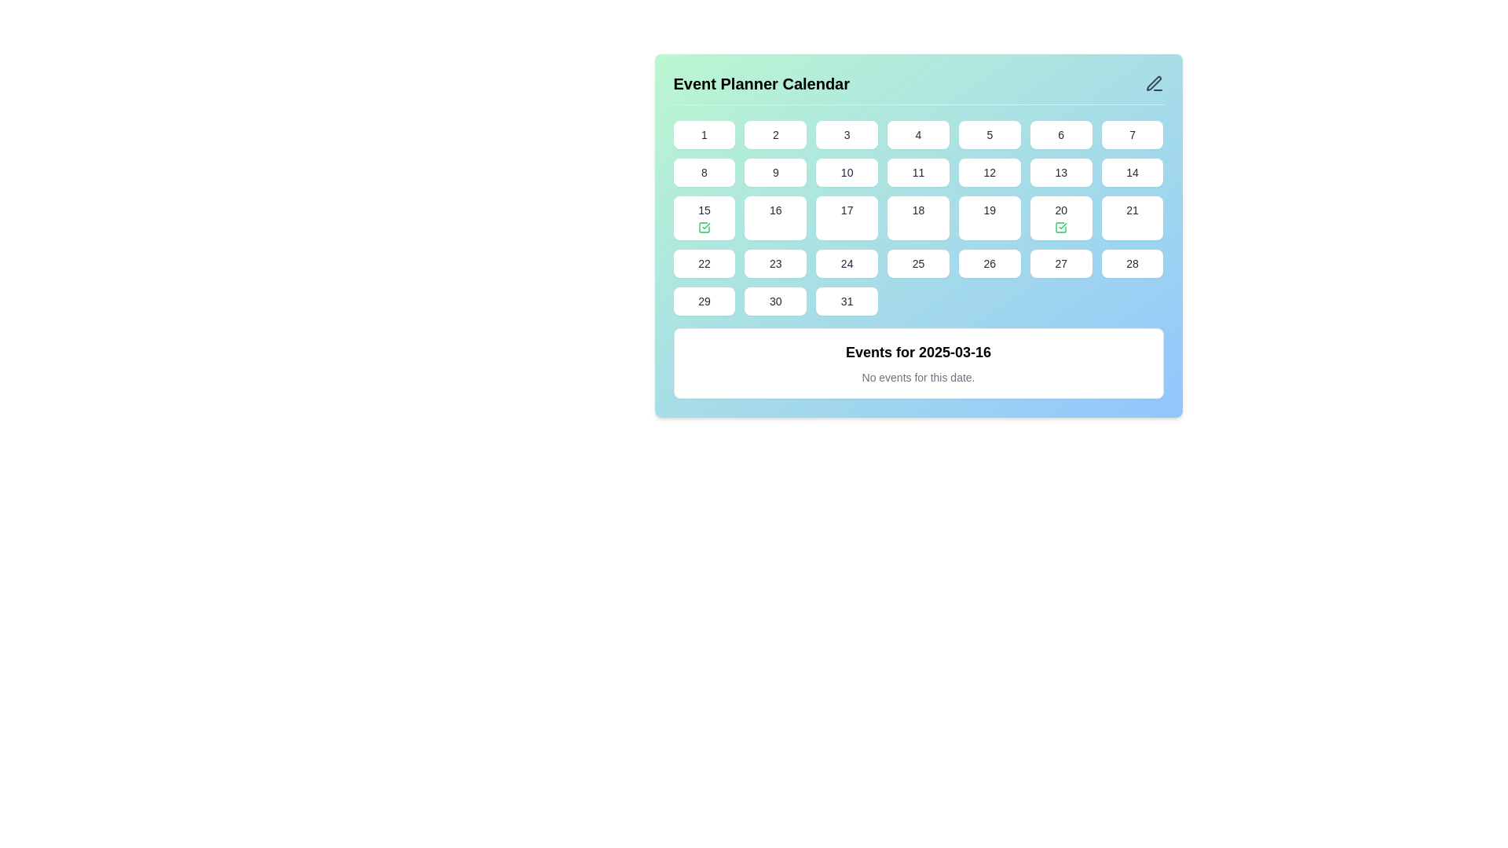 The height and width of the screenshot is (848, 1508). What do you see at coordinates (775, 134) in the screenshot?
I see `the selectable calendar date box representing the number '2' located in the first row, second column of the Event Planner Calendar interface` at bounding box center [775, 134].